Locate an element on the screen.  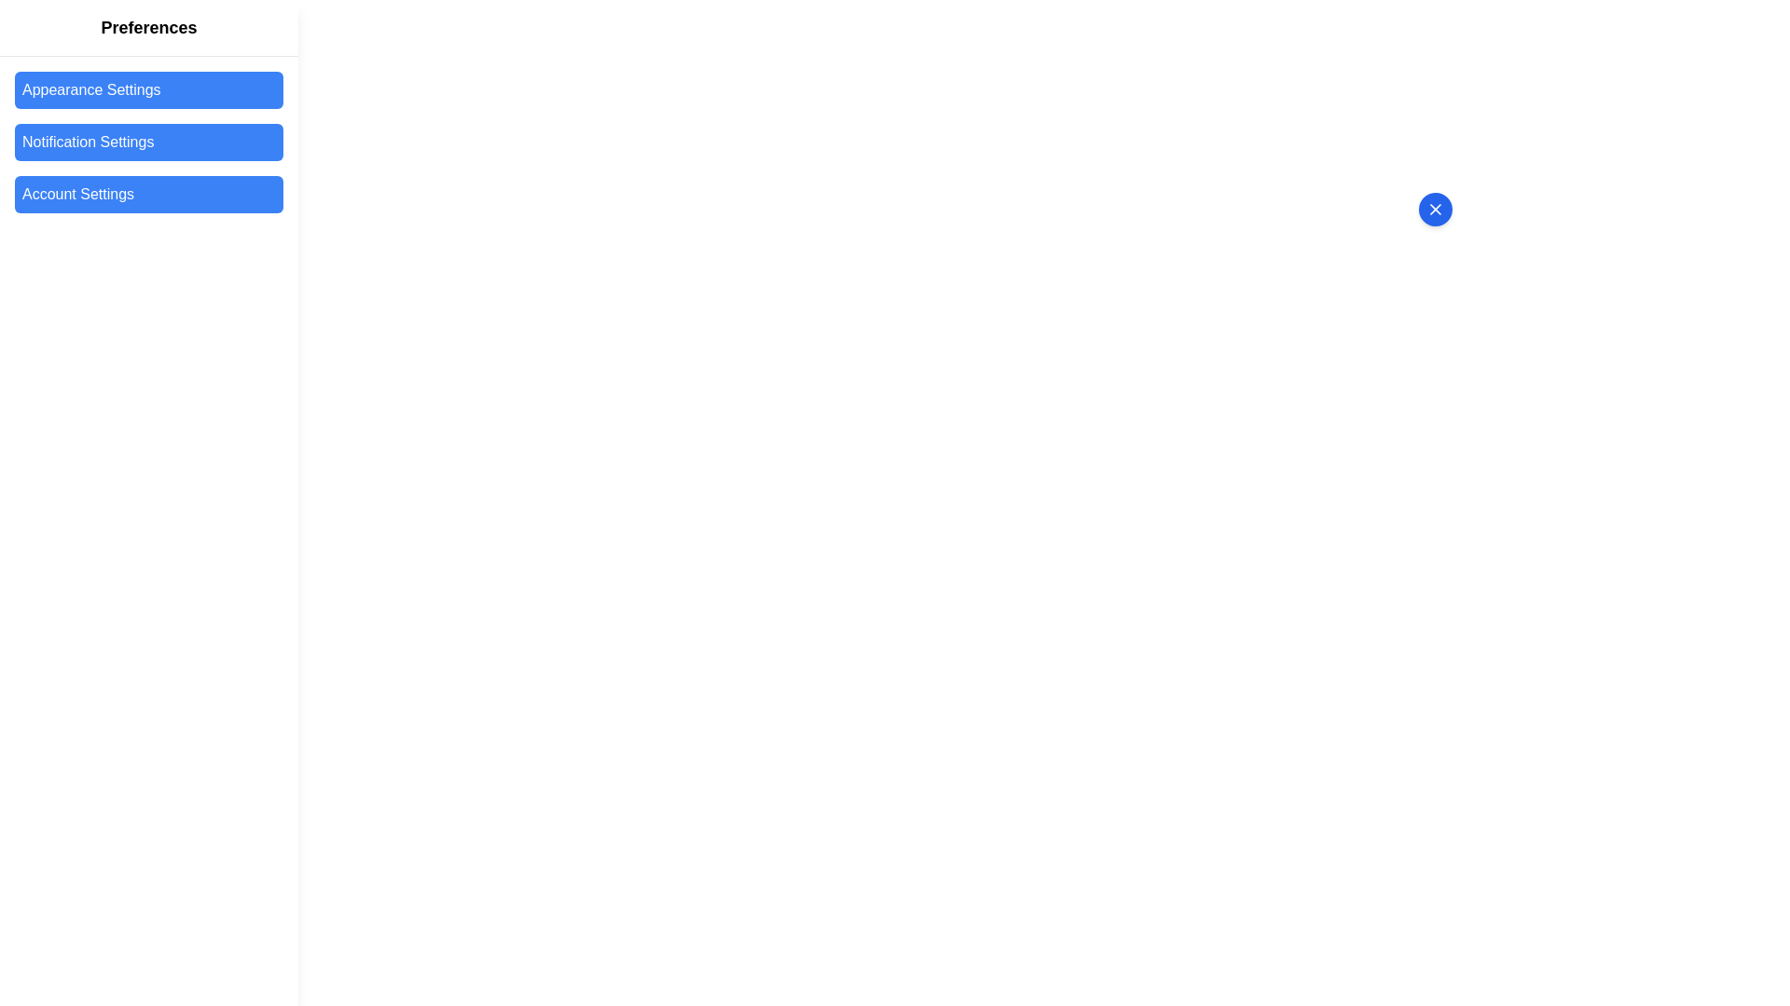
the 'Account Settings' button located at the bottom of the 'Preferences' section is located at coordinates (147, 194).